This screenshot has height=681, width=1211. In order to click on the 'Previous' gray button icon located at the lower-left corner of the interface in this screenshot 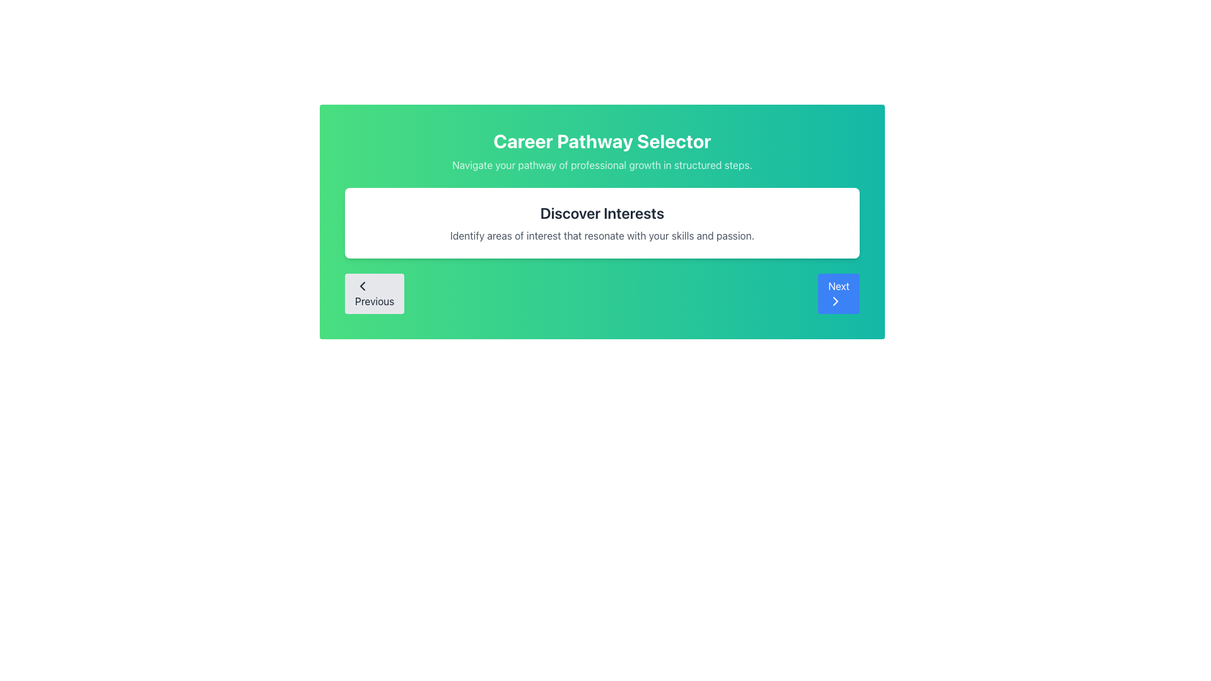, I will do `click(362, 286)`.